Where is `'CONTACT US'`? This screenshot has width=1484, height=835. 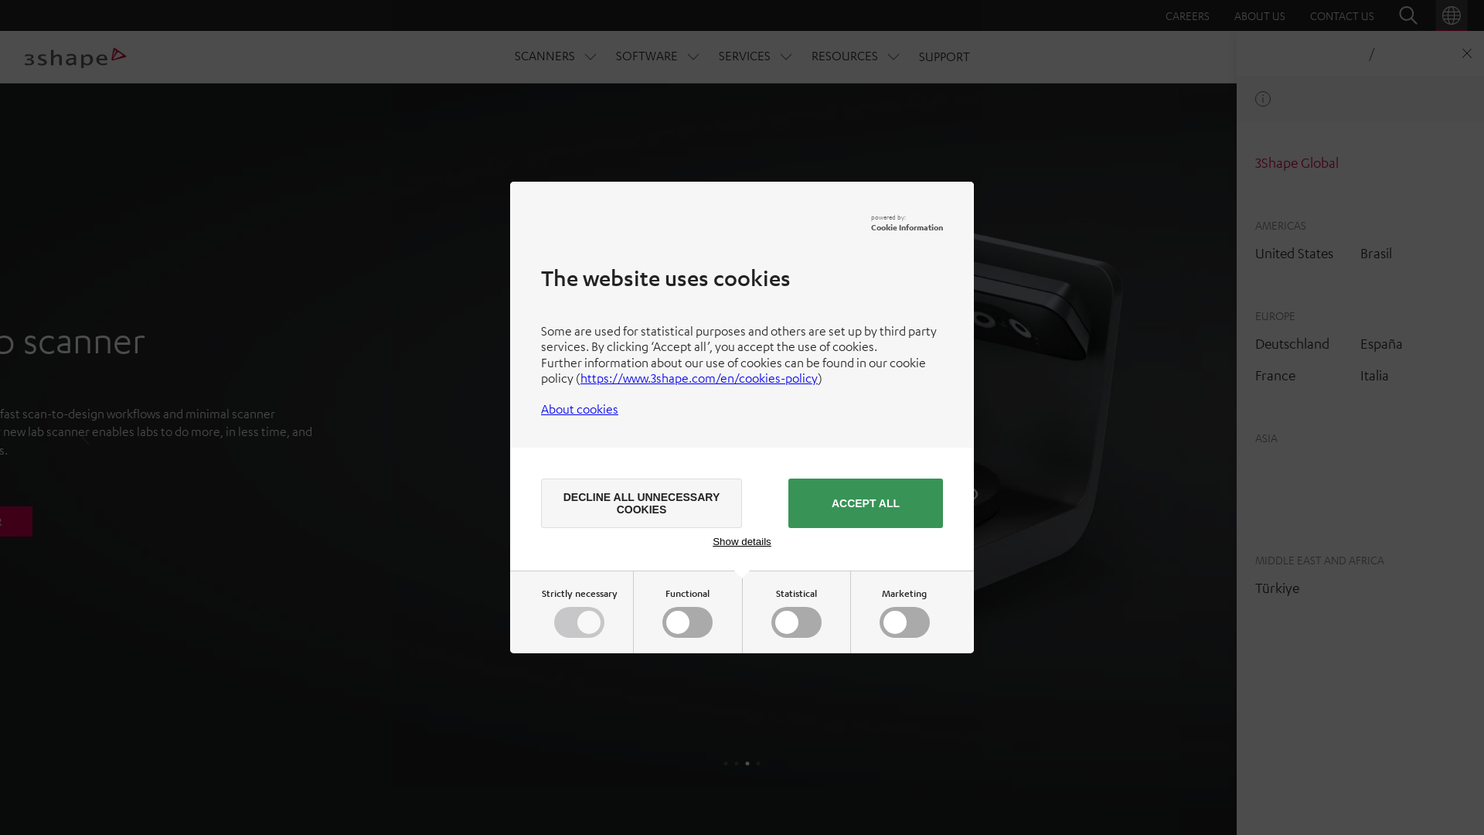
'CONTACT US' is located at coordinates (1341, 15).